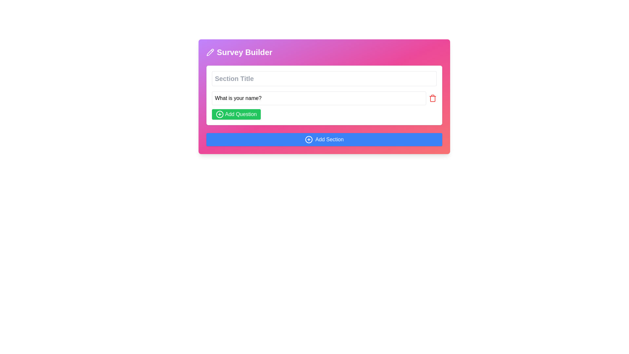  Describe the element at coordinates (324, 139) in the screenshot. I see `the button at the bottom of the 'Survey Builder' section to observe hover effects` at that location.